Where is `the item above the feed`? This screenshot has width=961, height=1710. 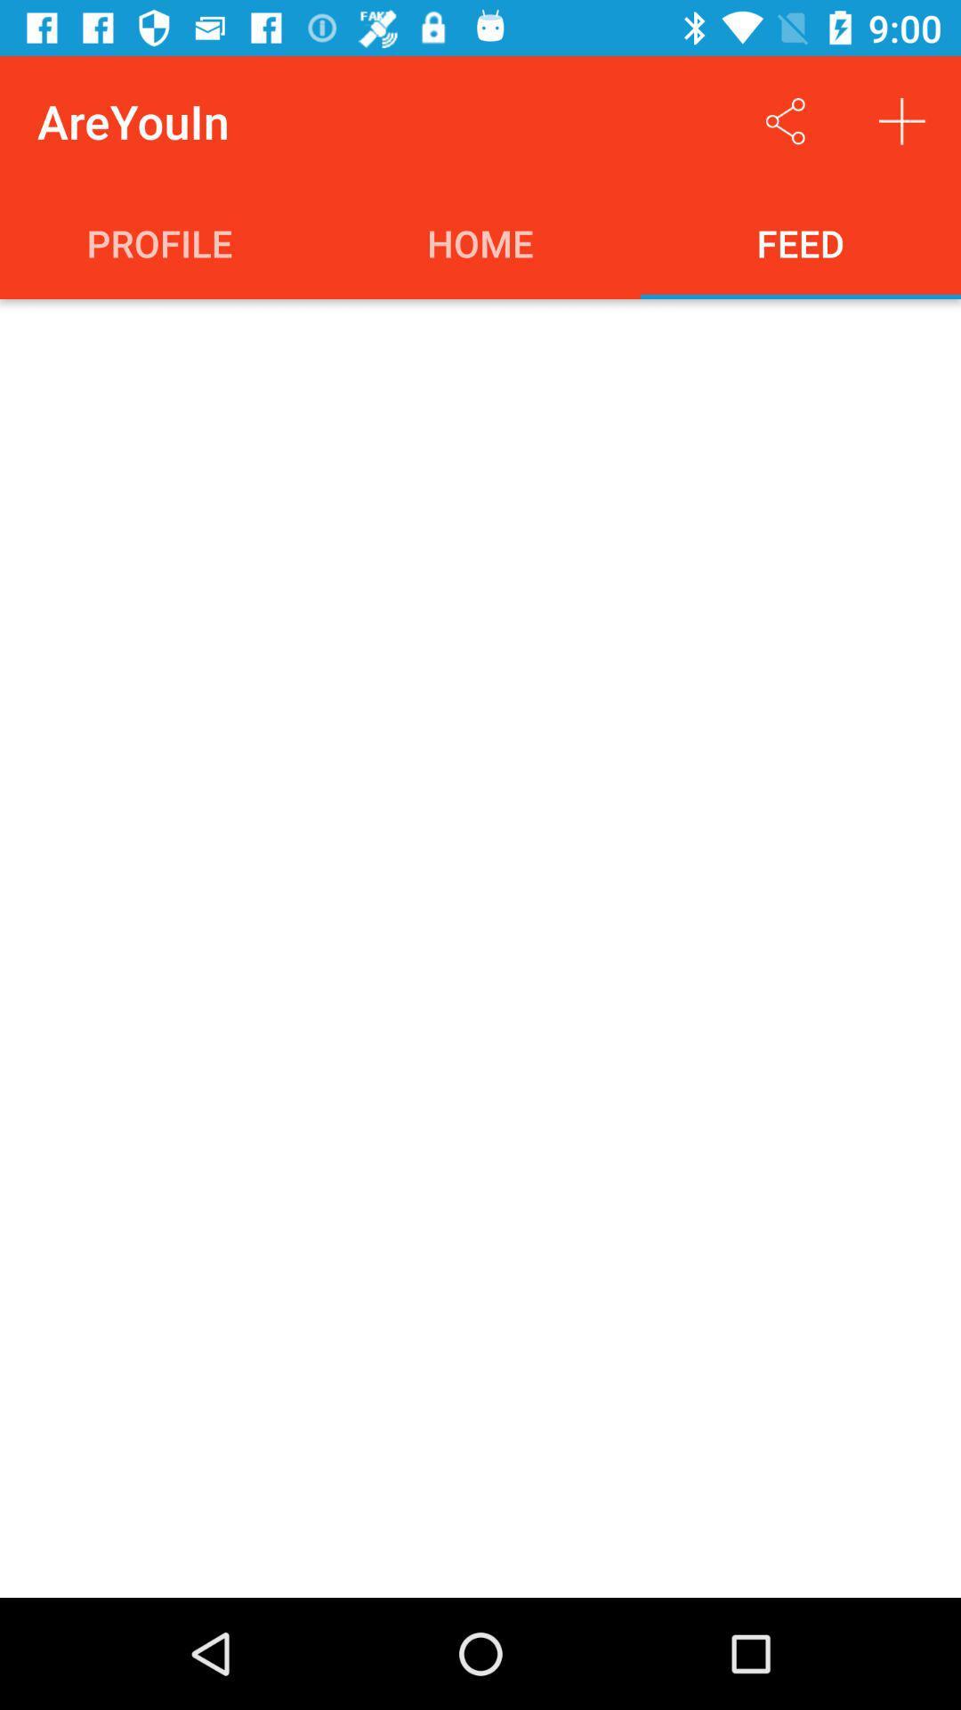
the item above the feed is located at coordinates (785, 120).